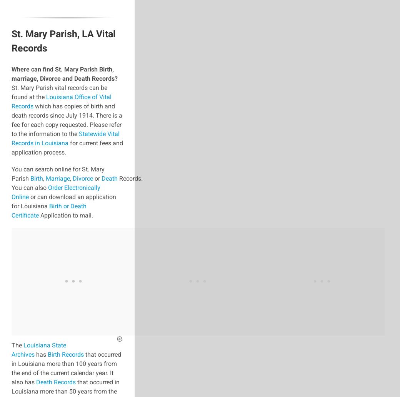 The width and height of the screenshot is (400, 397). What do you see at coordinates (11, 201) in the screenshot?
I see `'or can download an application for Louisiana'` at bounding box center [11, 201].